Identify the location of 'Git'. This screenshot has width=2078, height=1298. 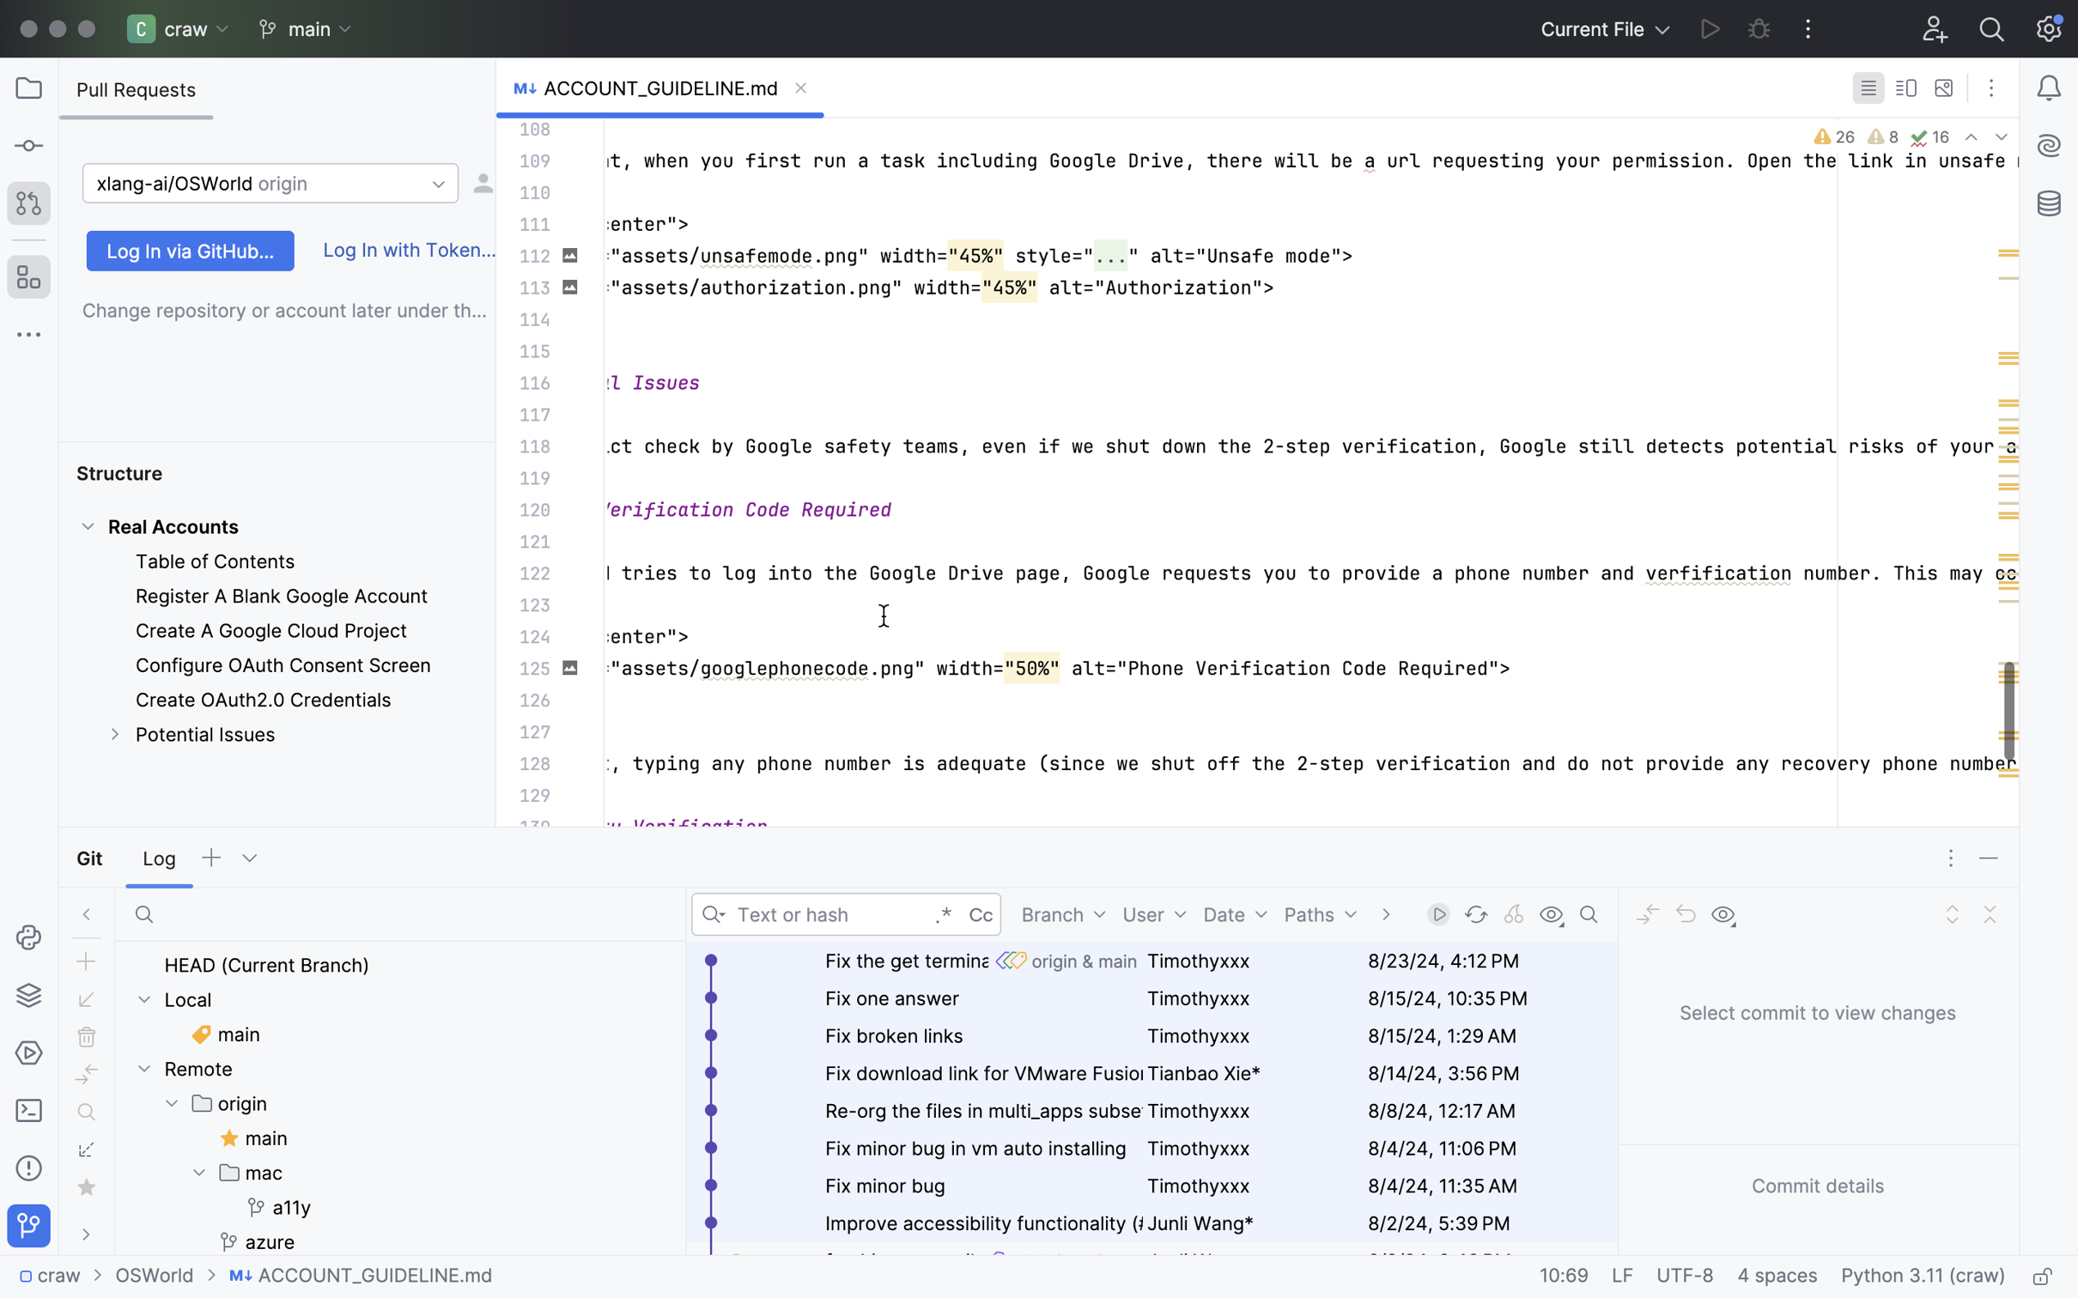
(92, 858).